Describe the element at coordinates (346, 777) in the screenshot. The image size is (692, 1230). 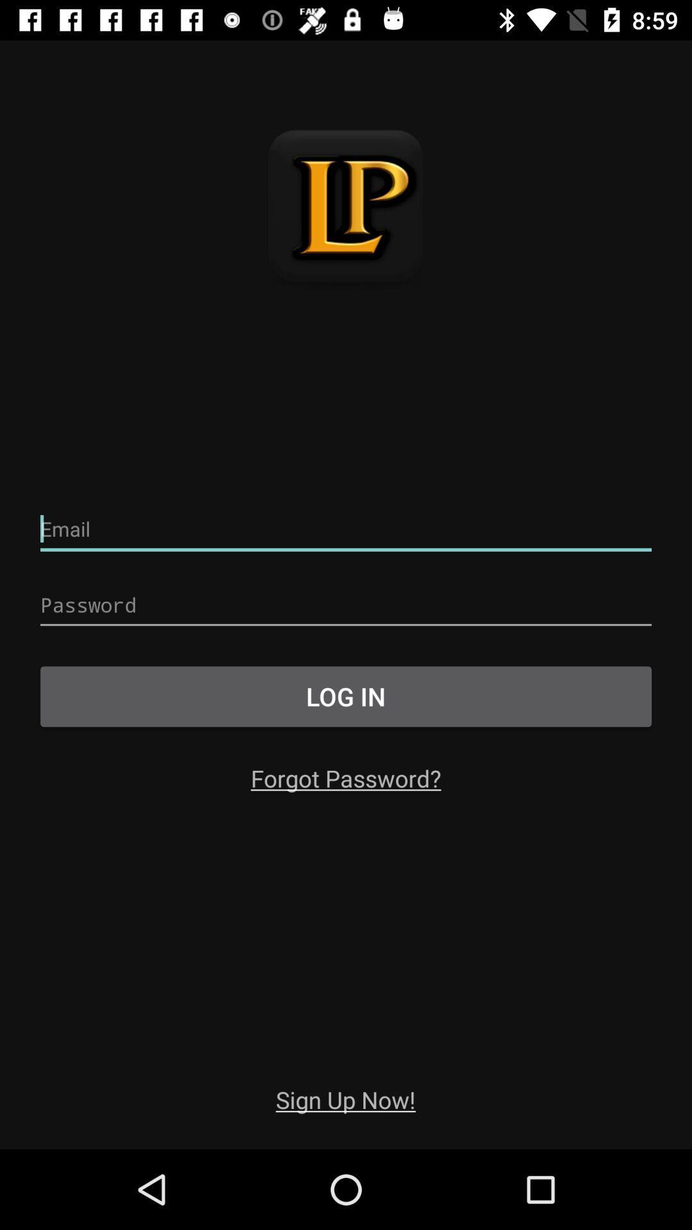
I see `icon above the sign up now!` at that location.